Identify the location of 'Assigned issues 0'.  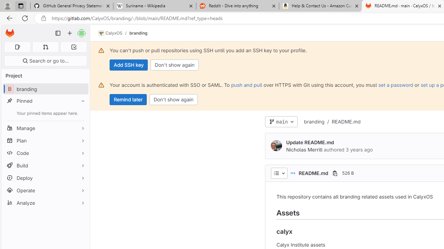
(17, 47).